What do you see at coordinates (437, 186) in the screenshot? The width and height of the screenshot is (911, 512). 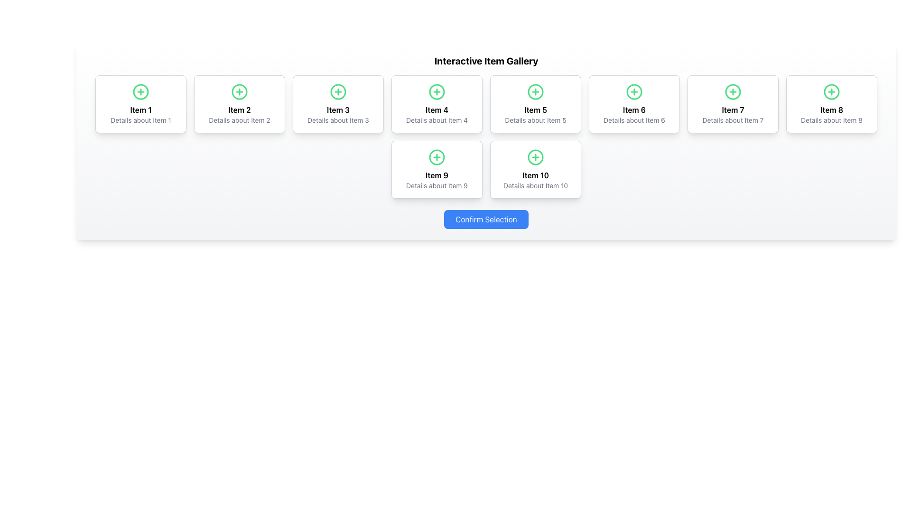 I see `the Text Label that provides additional descriptive information about 'Item 9', located beneath the title element in the card for 'Item 9'` at bounding box center [437, 186].